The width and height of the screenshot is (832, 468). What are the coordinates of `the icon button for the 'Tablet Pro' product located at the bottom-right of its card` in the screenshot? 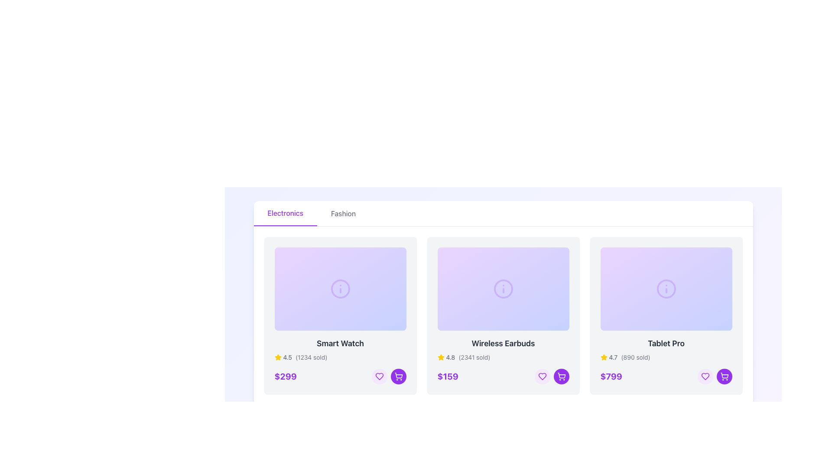 It's located at (561, 376).